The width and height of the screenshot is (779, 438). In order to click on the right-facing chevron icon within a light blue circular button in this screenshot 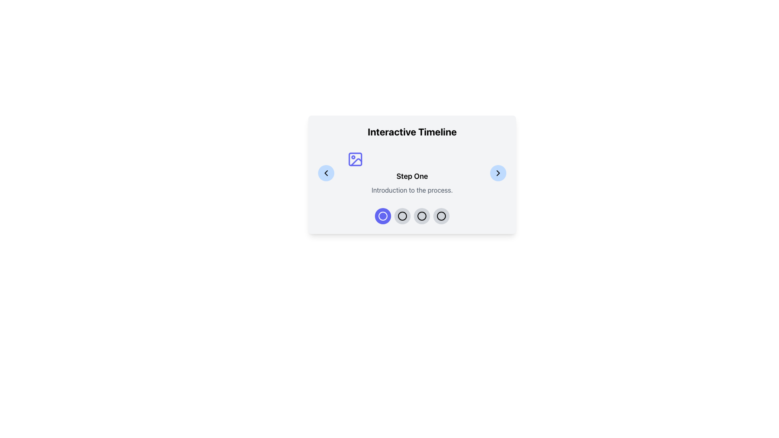, I will do `click(498, 173)`.